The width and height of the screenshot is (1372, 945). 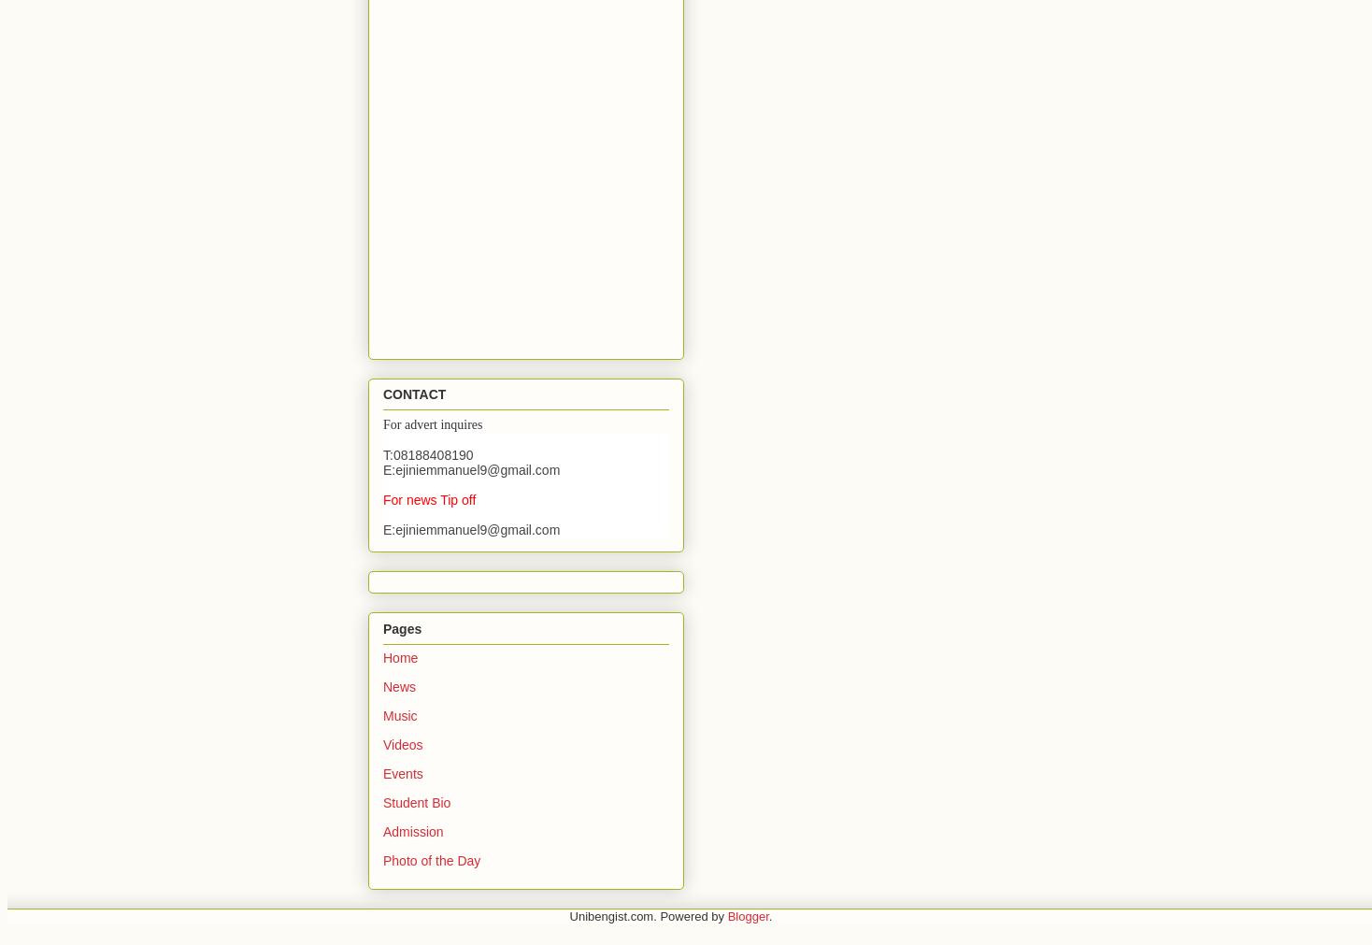 I want to click on 'Blogger', so click(x=748, y=915).